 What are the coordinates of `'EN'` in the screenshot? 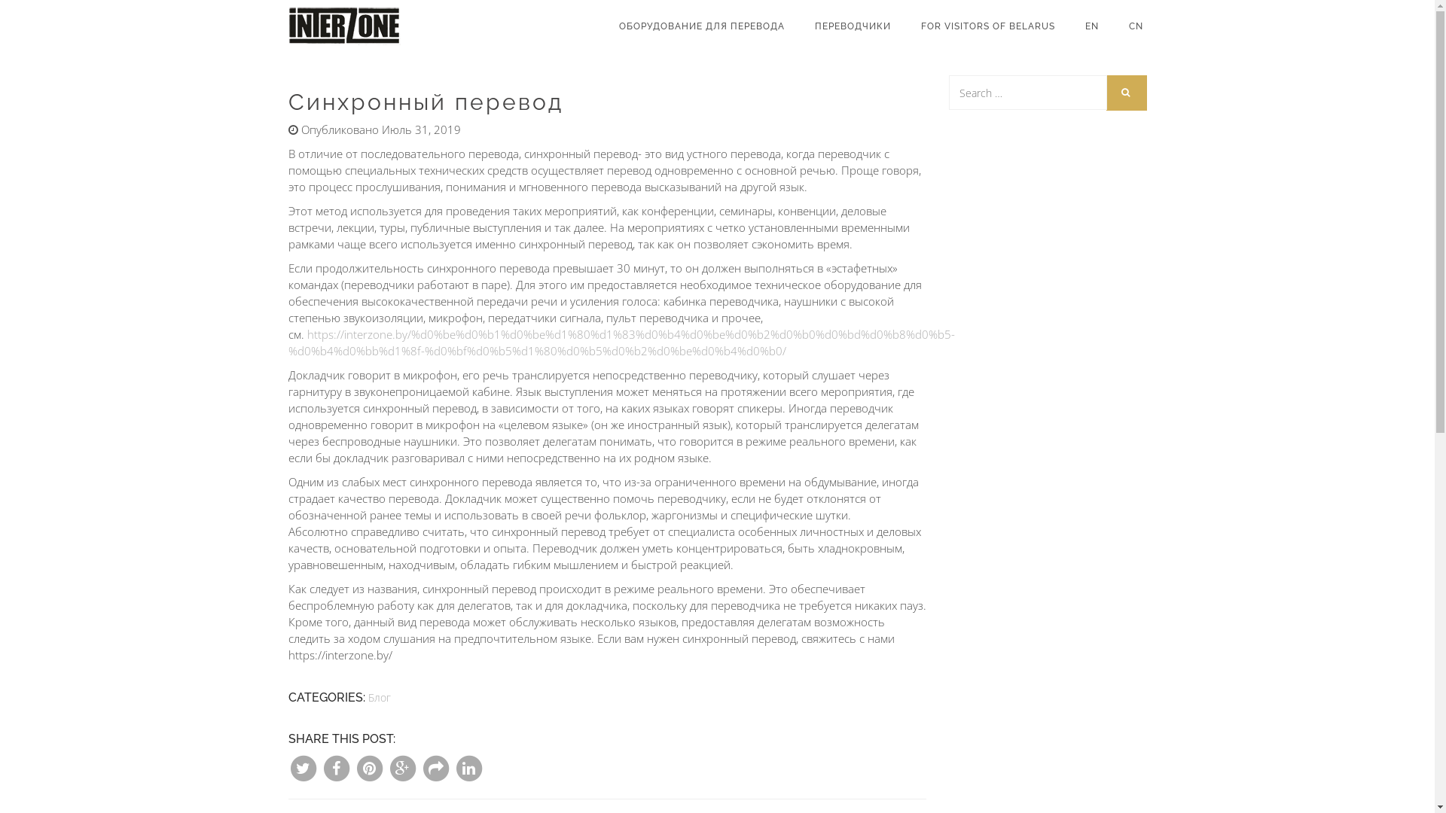 It's located at (1091, 26).